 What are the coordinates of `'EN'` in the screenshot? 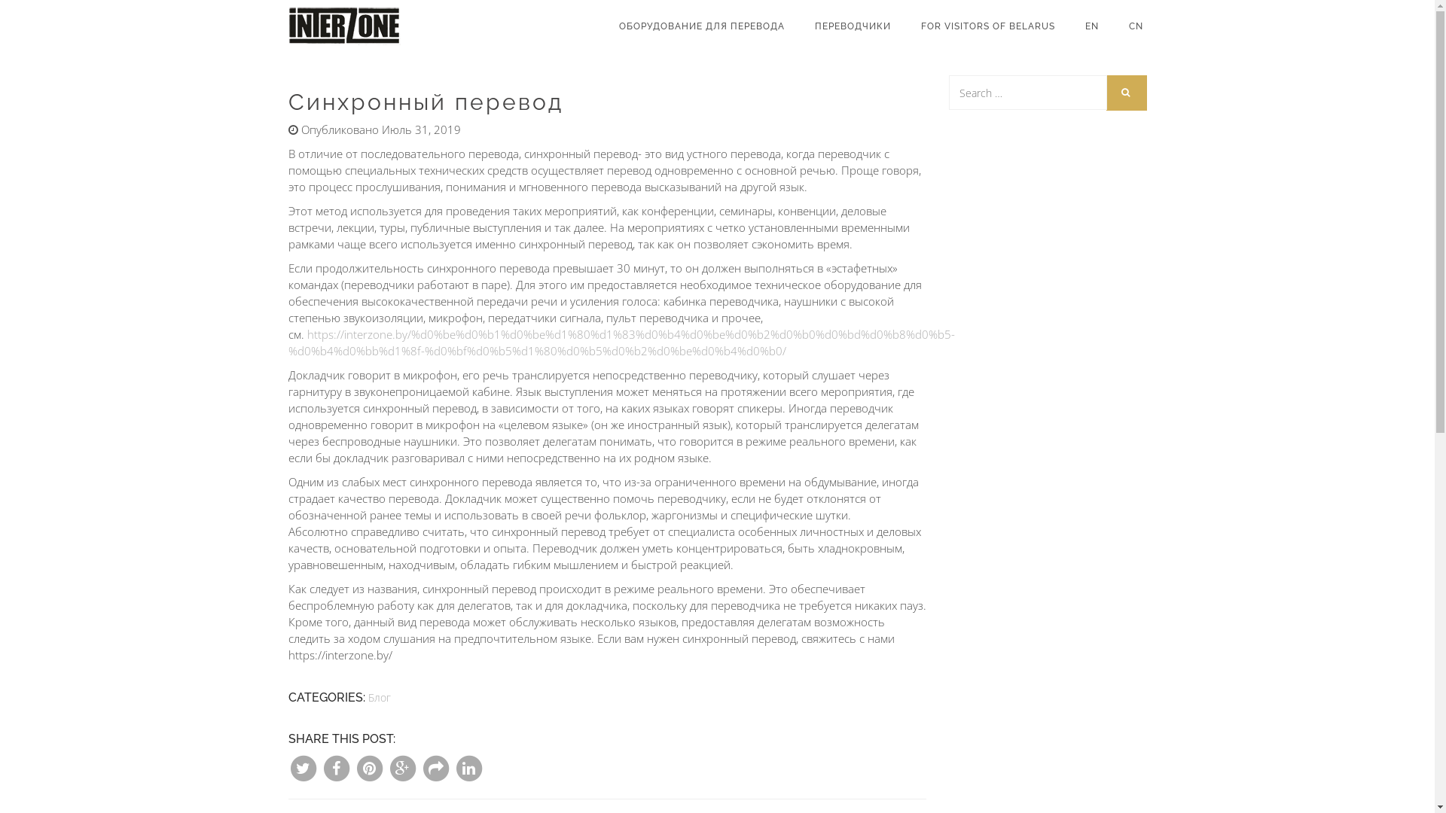 It's located at (1091, 26).